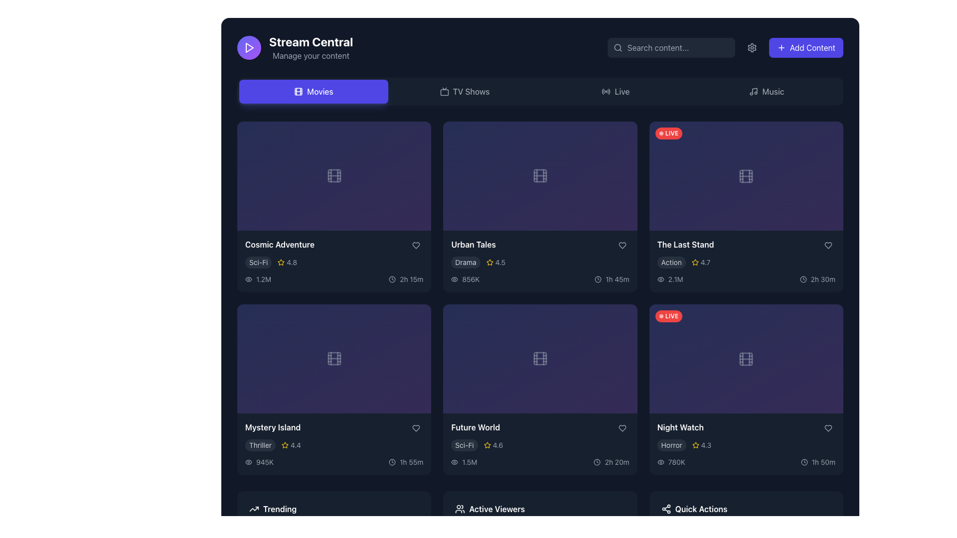  I want to click on the heart-shaped favorite button located in the bottom-right corner of the 'Mystery Island' card, so click(416, 428).